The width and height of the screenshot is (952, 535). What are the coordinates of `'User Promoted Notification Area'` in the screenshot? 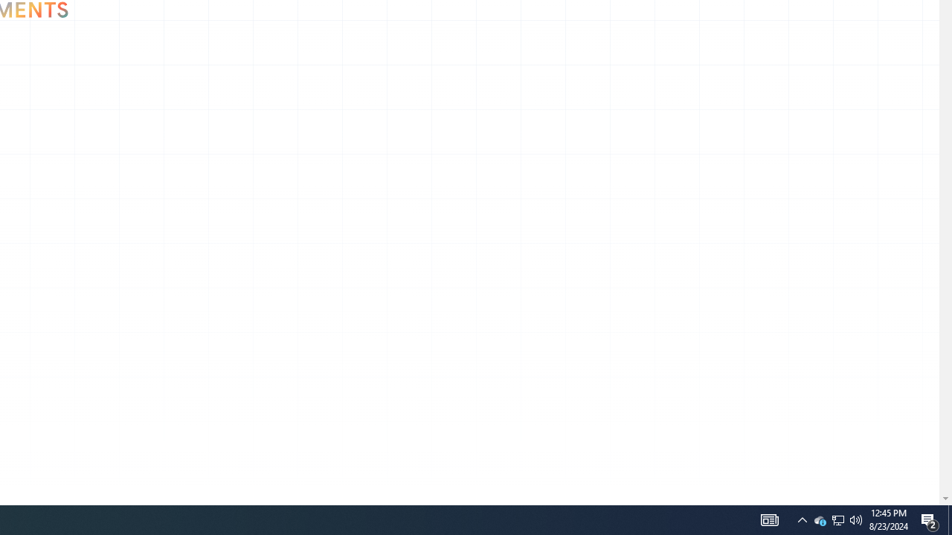 It's located at (856, 519).